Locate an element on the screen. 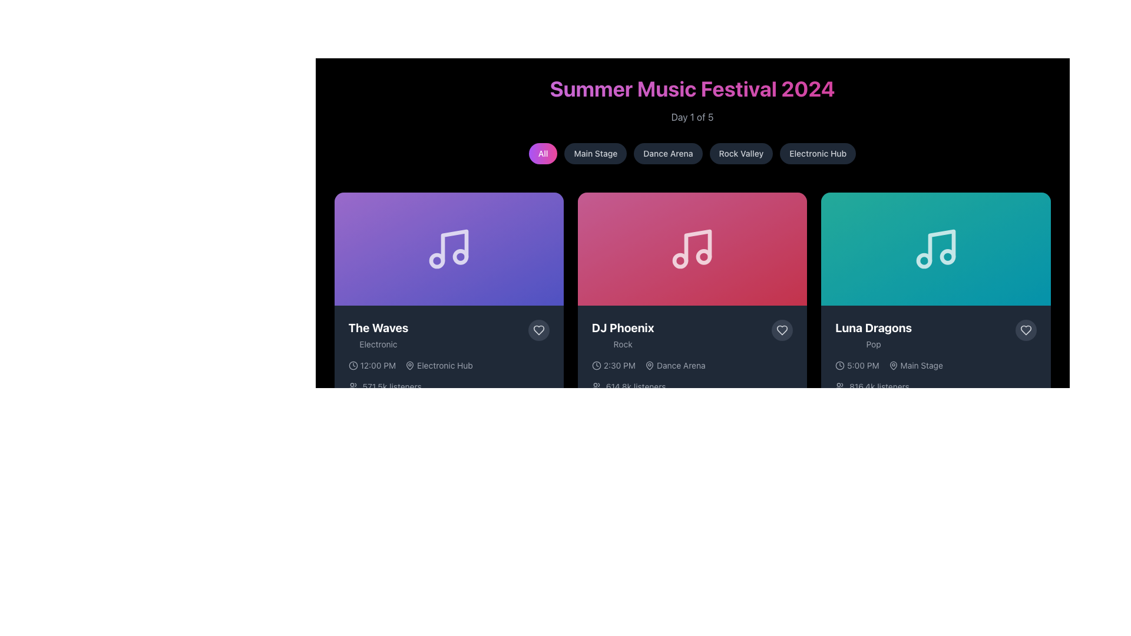 The image size is (1131, 636). the musical note icon, which is centrally located in the second card of a horizontal row, beneath the 'Summer Music Festival 2024' header and above the 'DJ Phoenix' text, distinguished by its white color and gradient pink background is located at coordinates (692, 249).